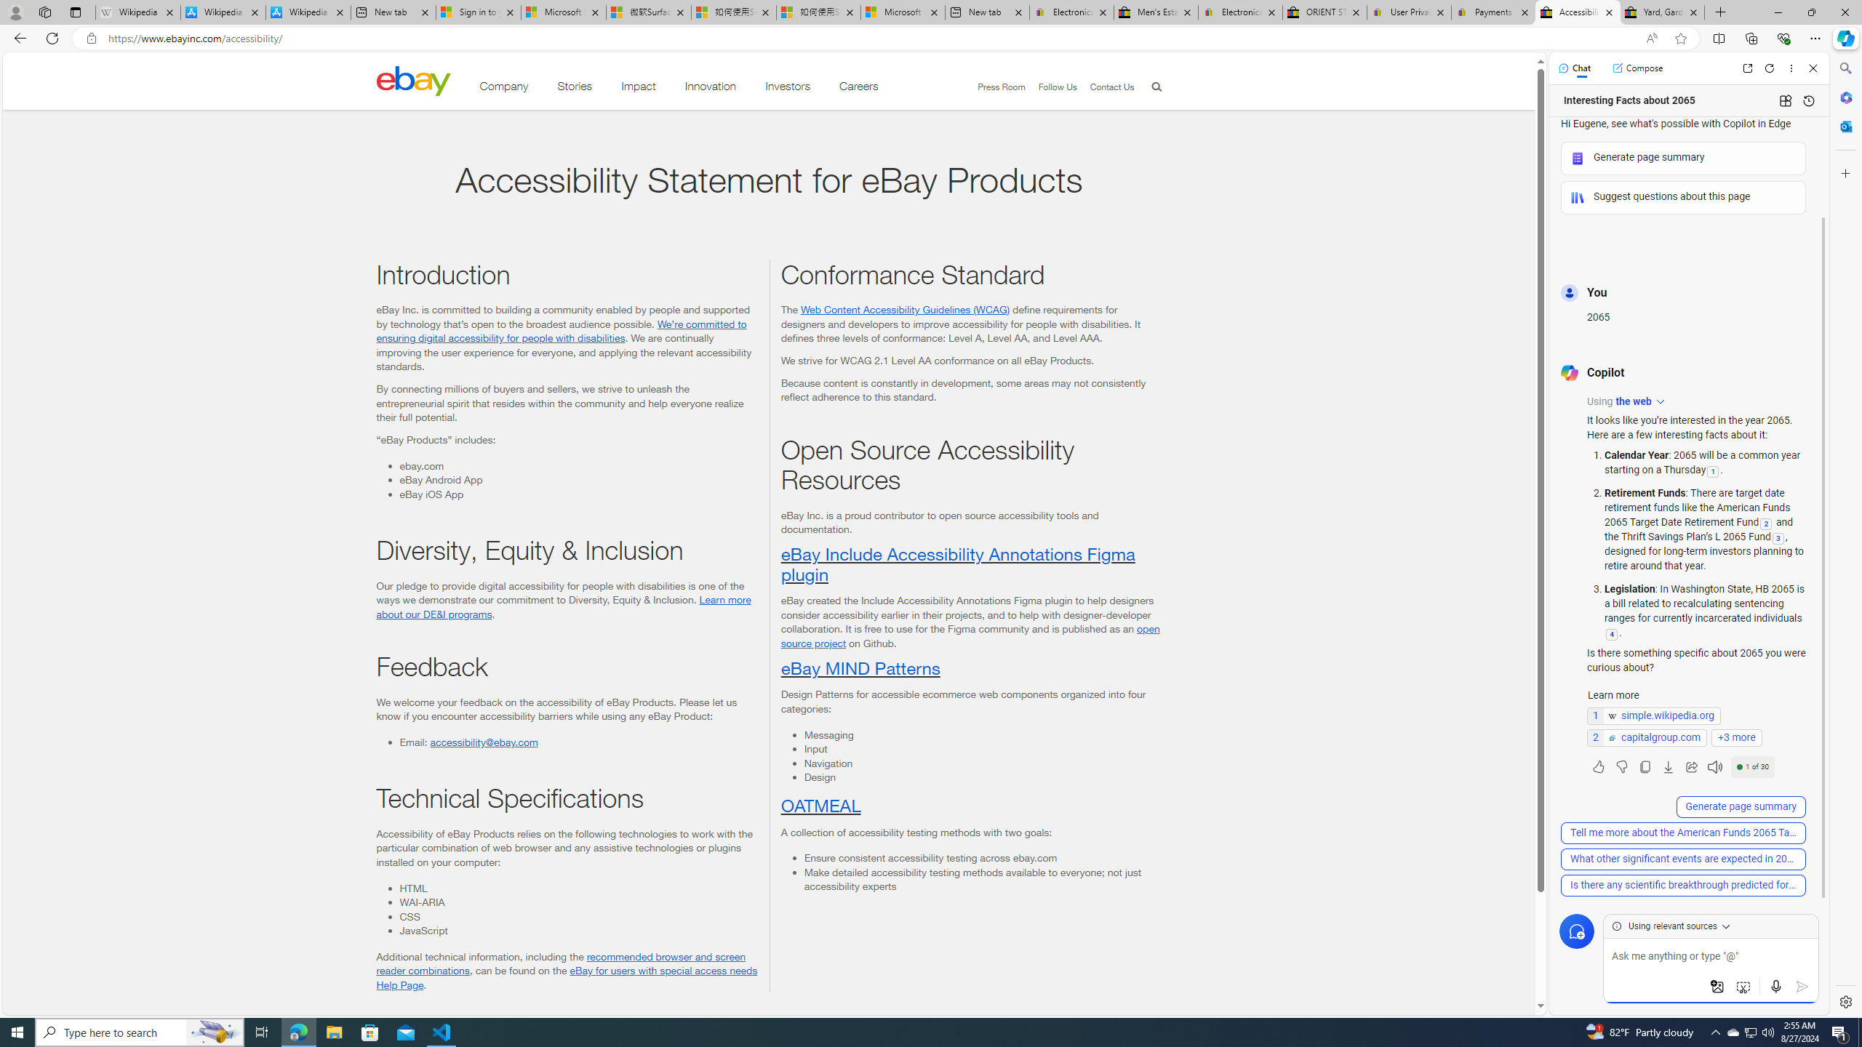  Describe the element at coordinates (819, 804) in the screenshot. I see `'OATMEAL'` at that location.